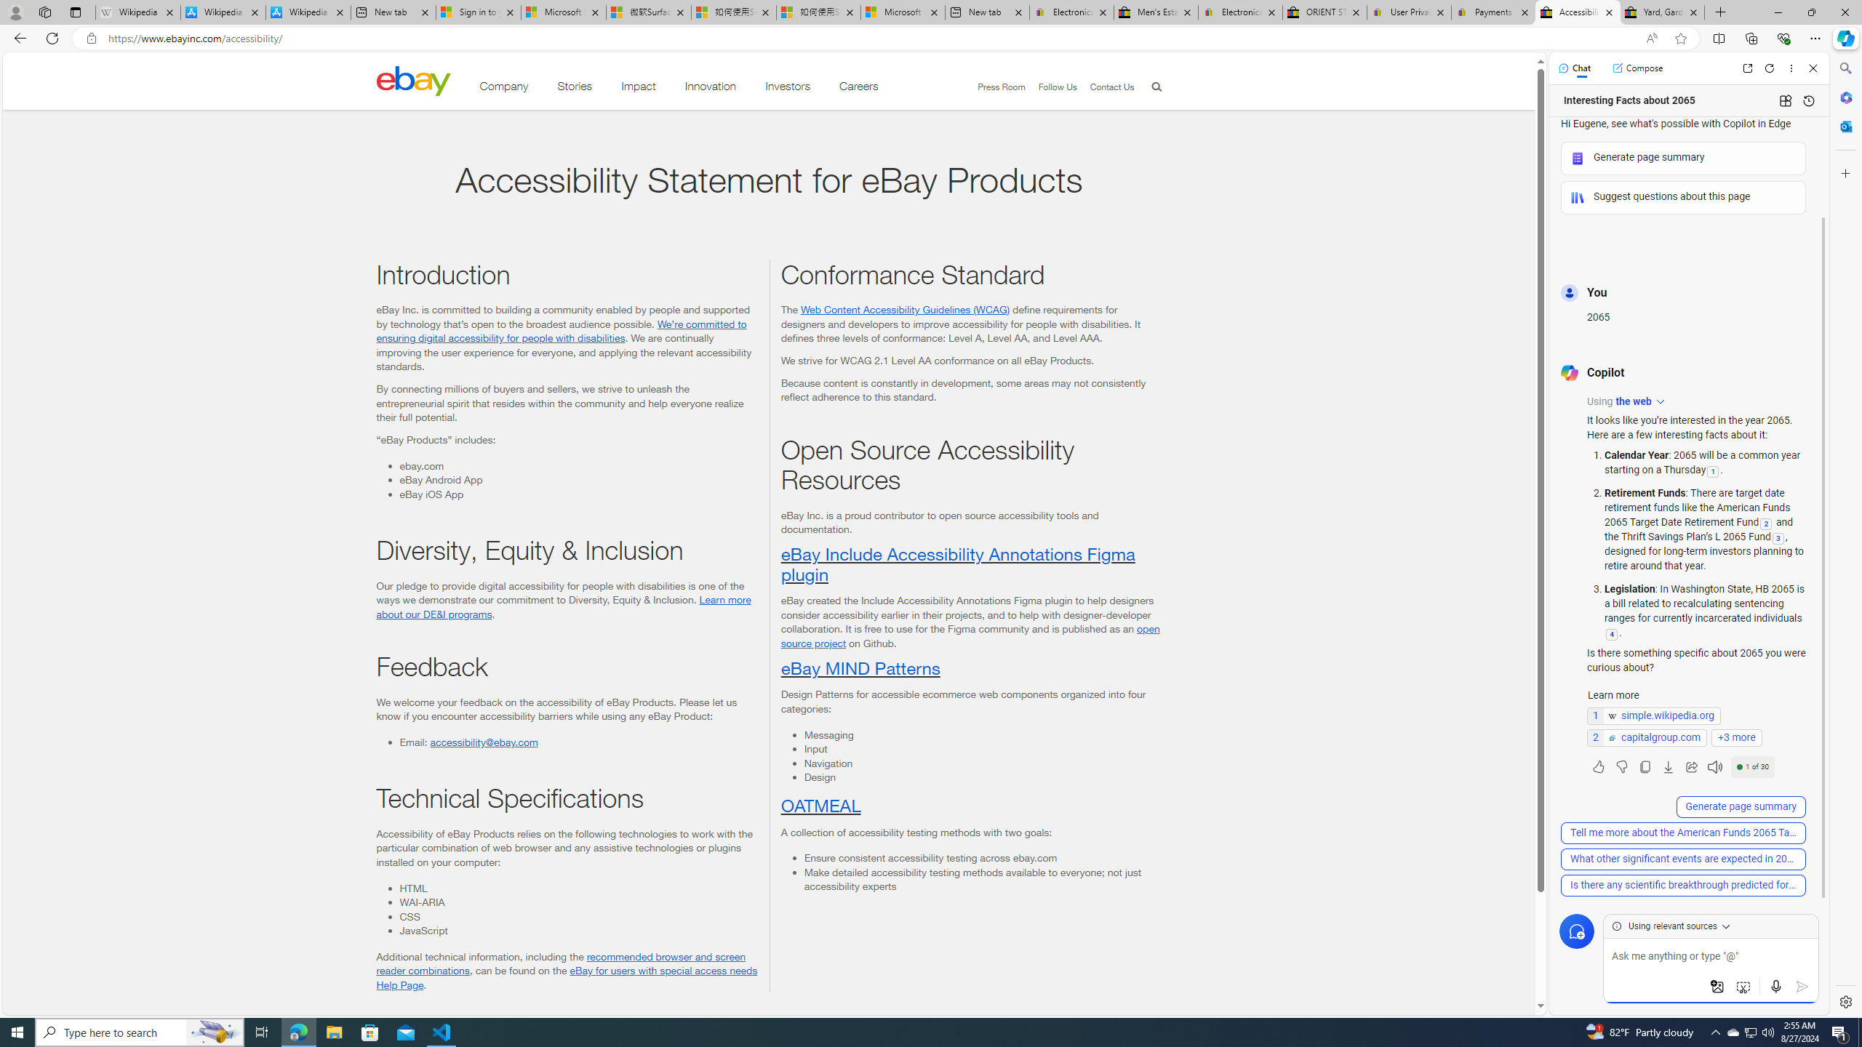  Describe the element at coordinates (819, 804) in the screenshot. I see `'OATMEAL'` at that location.